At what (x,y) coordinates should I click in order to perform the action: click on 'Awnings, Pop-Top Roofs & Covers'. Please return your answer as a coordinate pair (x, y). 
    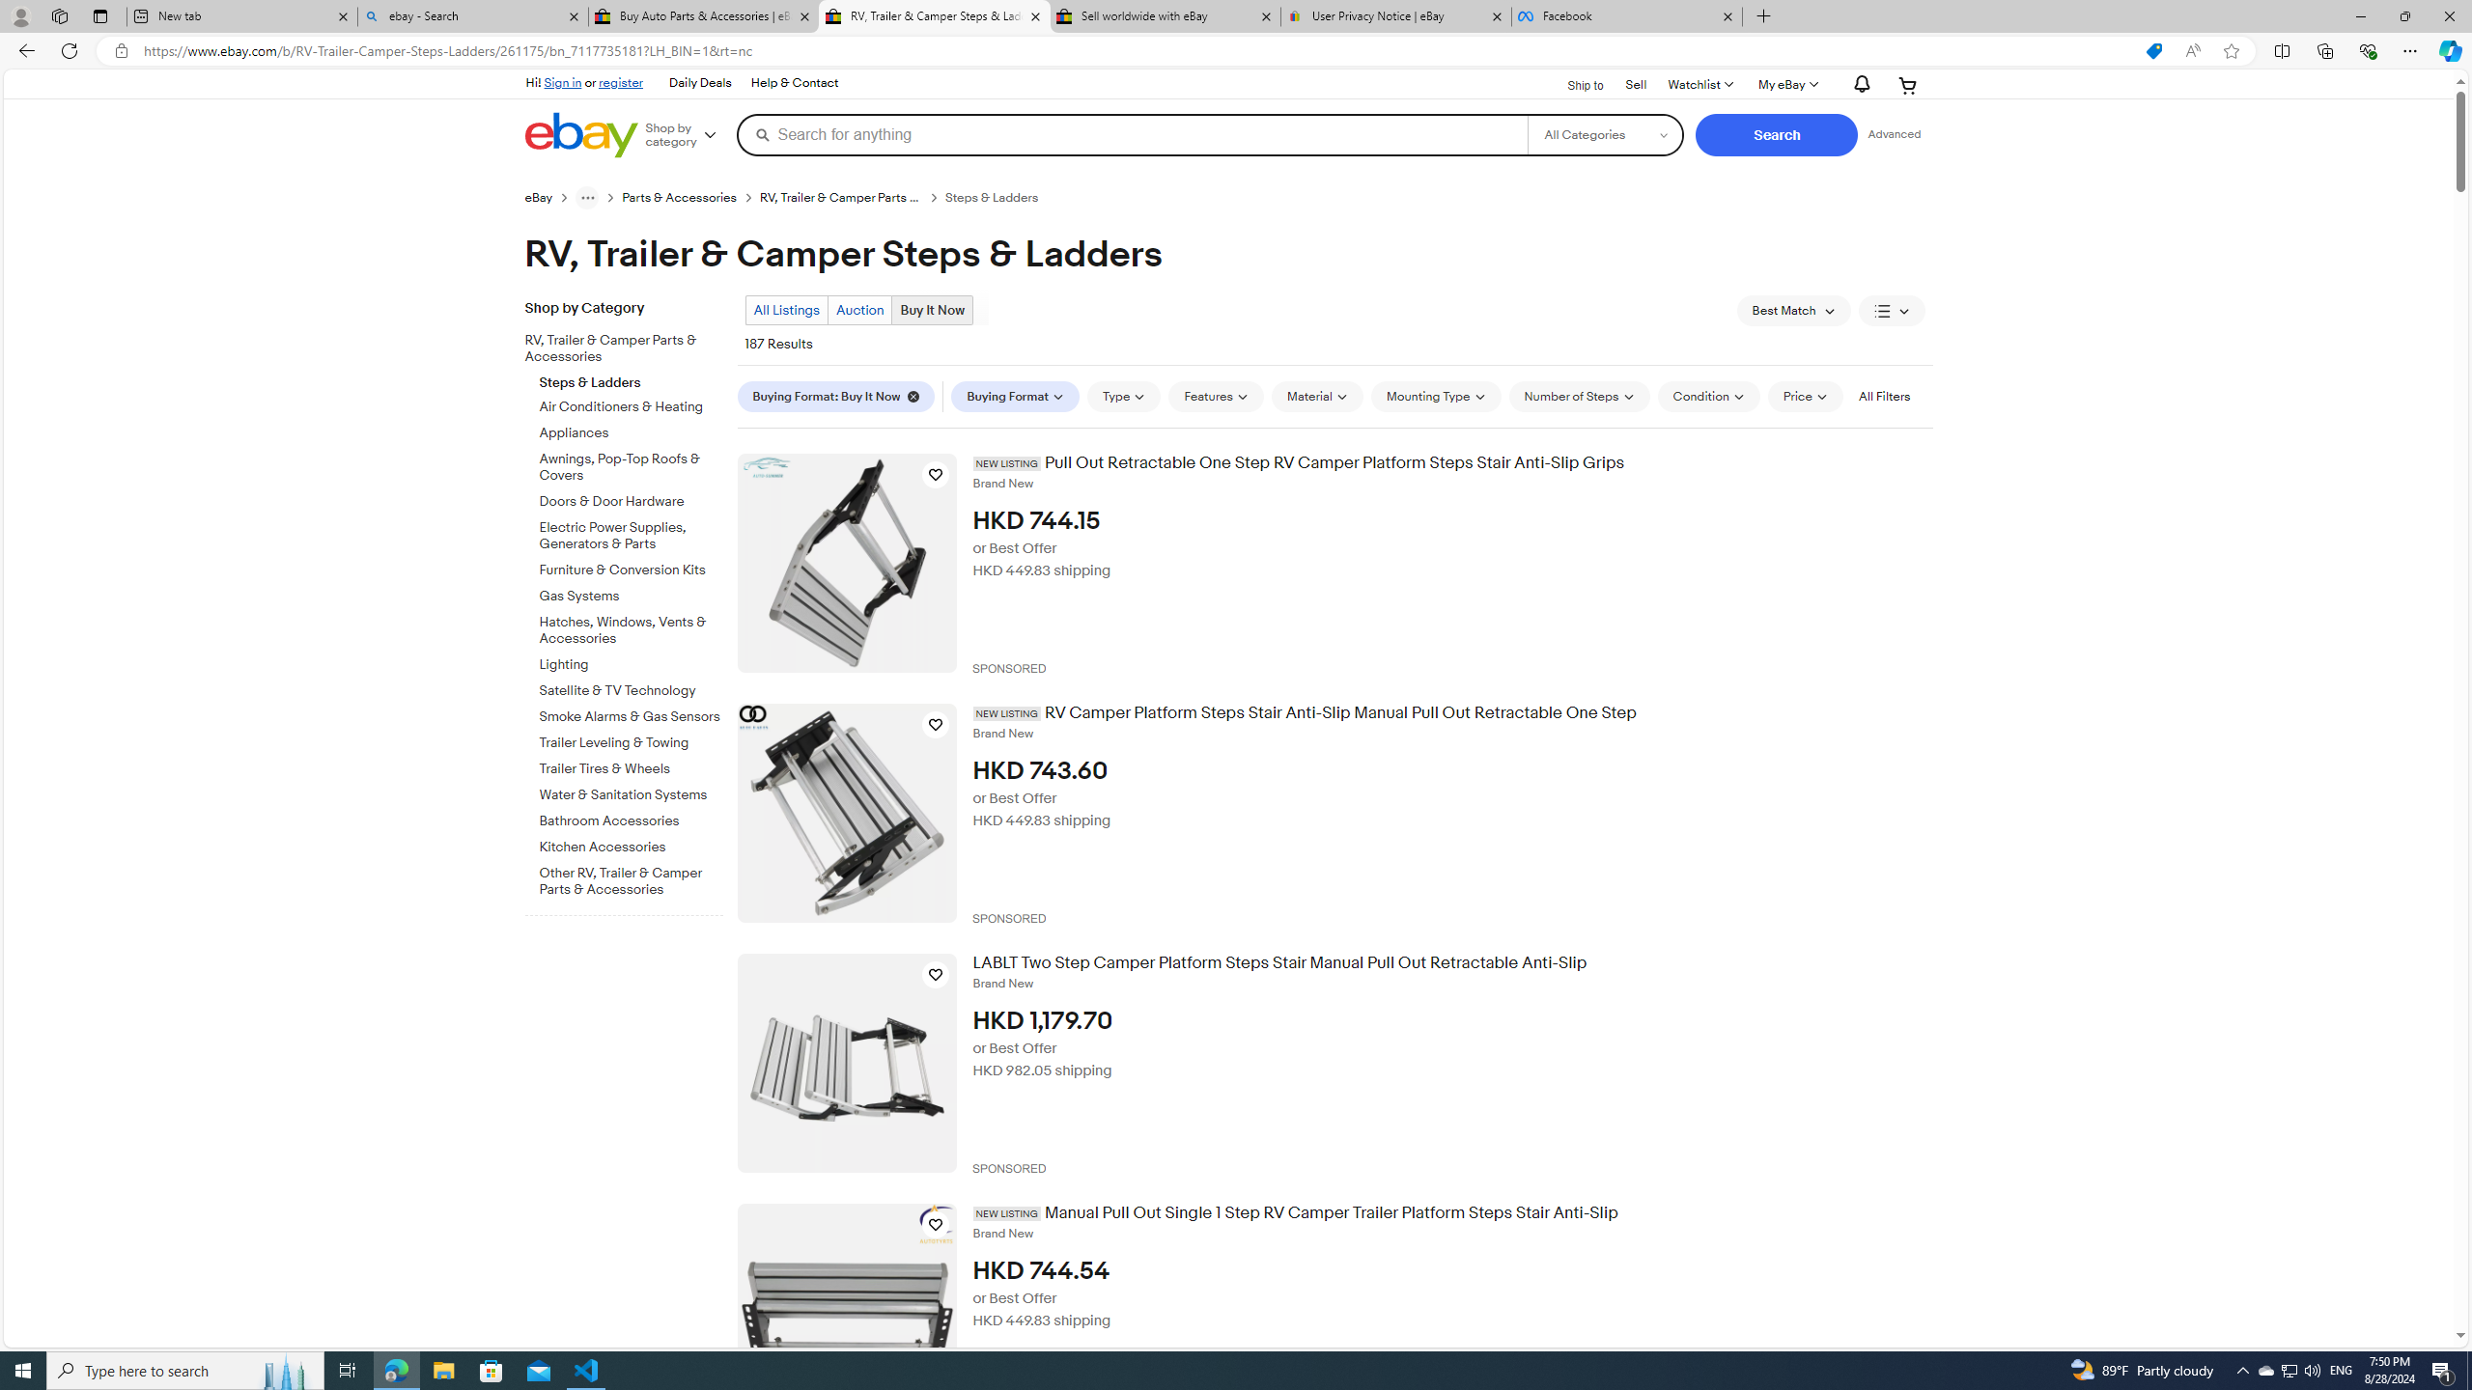
    Looking at the image, I should click on (631, 466).